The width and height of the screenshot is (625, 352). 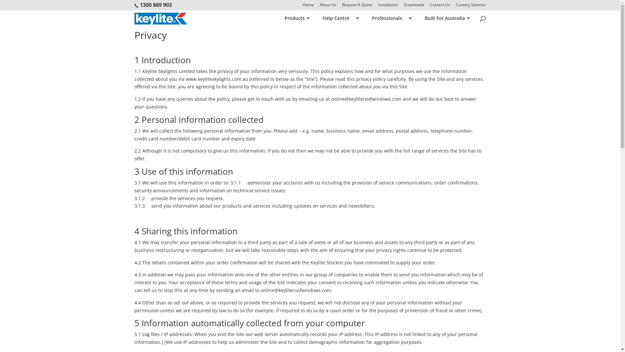 What do you see at coordinates (403, 6) in the screenshot?
I see `'Downloads'` at bounding box center [403, 6].